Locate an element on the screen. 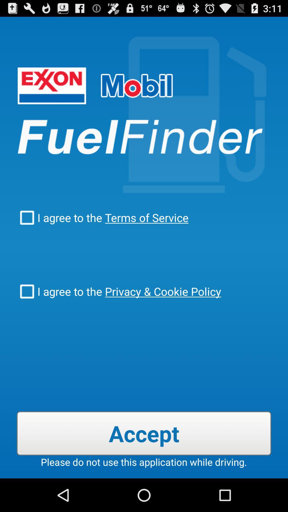 Image resolution: width=288 pixels, height=512 pixels. the icon above i agree to icon is located at coordinates (145, 218).